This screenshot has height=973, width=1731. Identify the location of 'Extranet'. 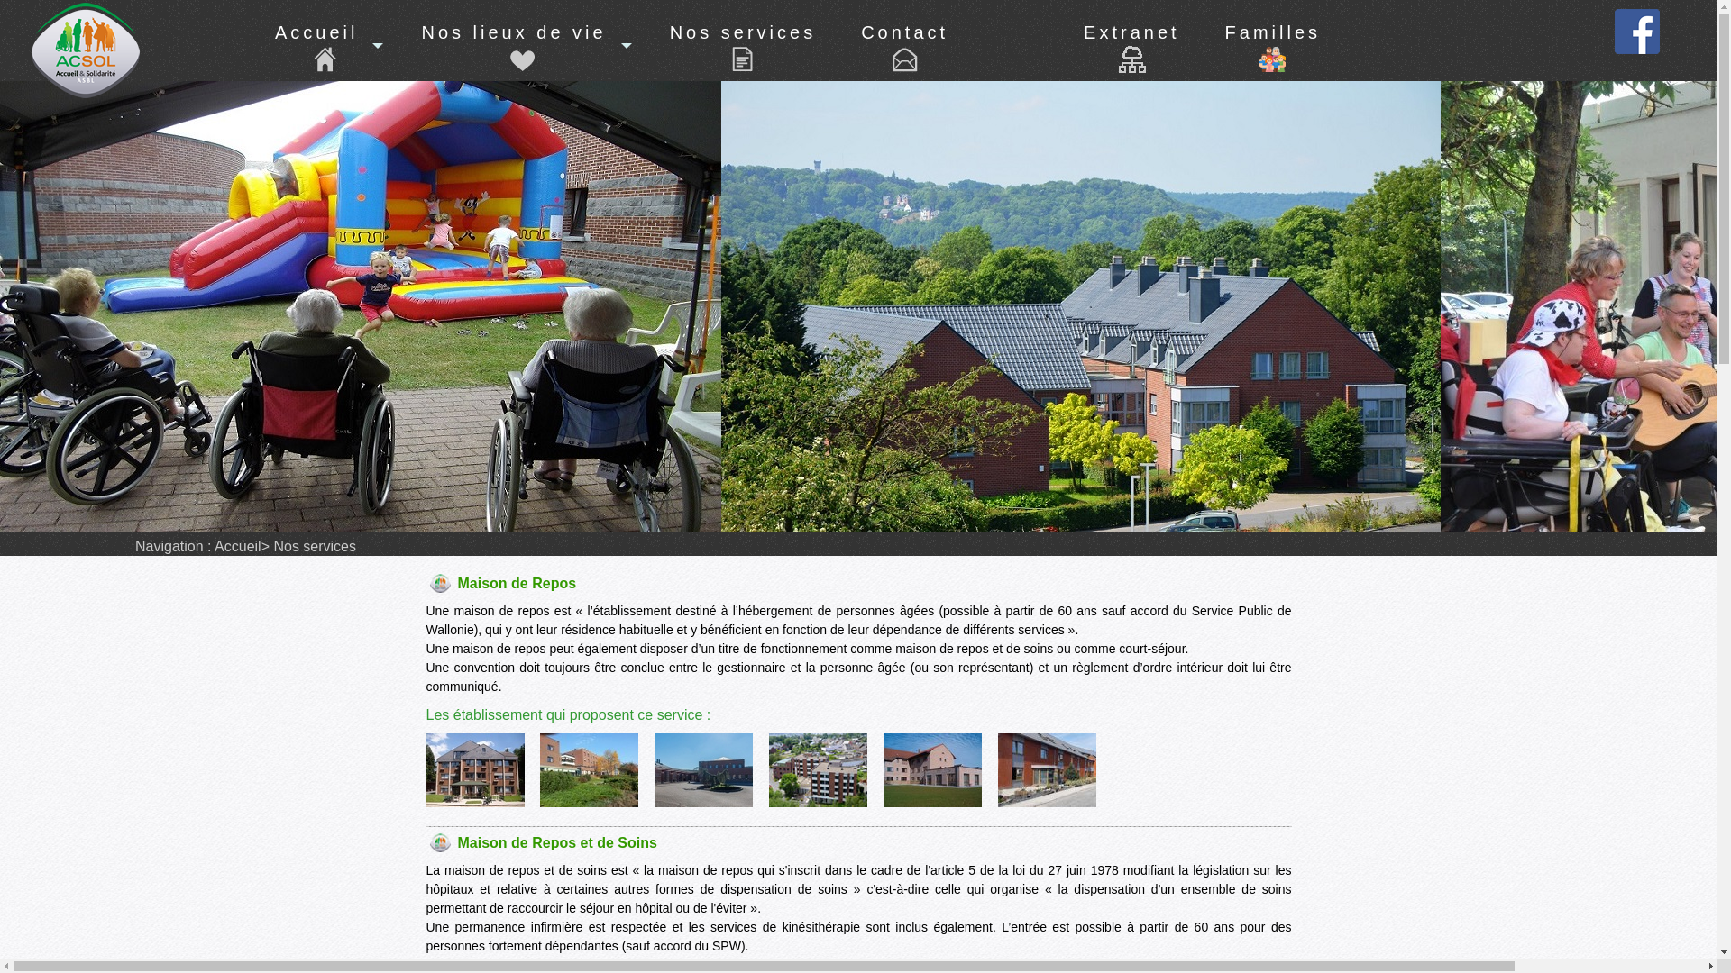
(1060, 41).